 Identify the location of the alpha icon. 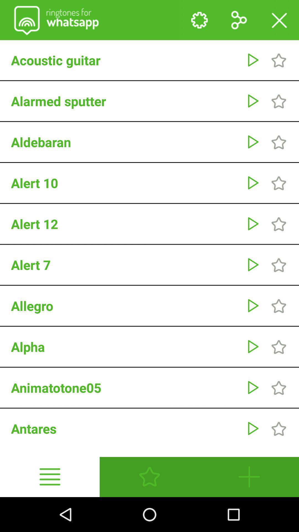
(126, 346).